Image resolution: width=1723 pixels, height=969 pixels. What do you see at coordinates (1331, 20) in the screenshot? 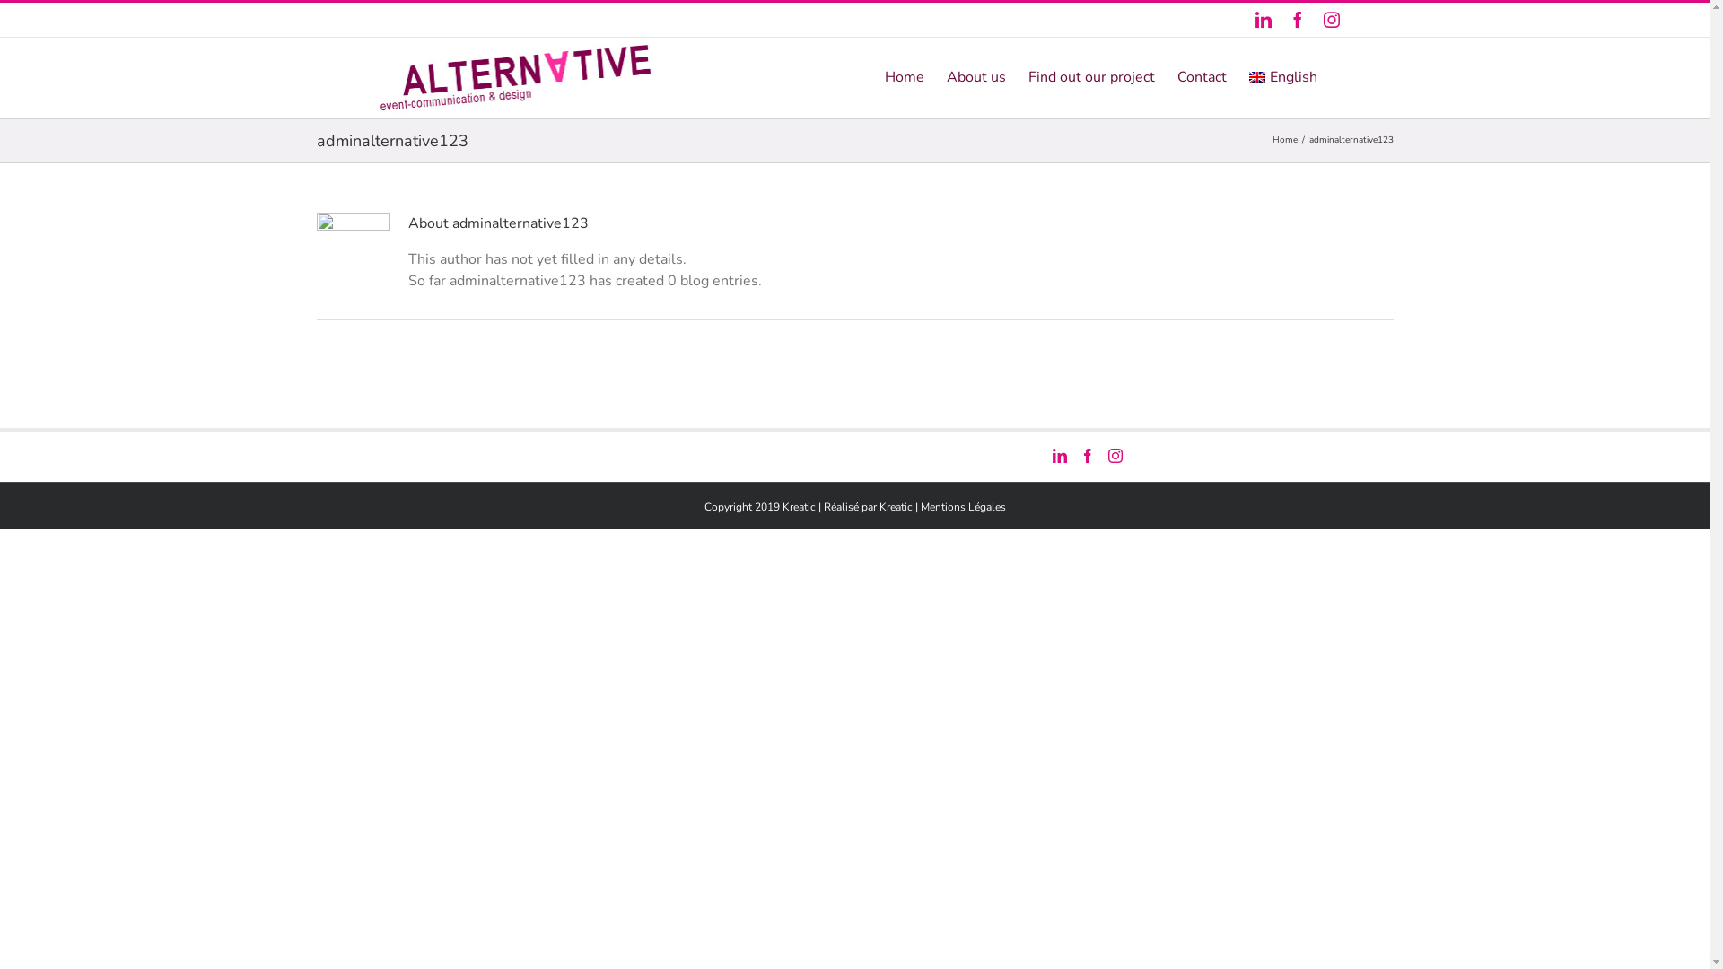
I see `'Instagram'` at bounding box center [1331, 20].